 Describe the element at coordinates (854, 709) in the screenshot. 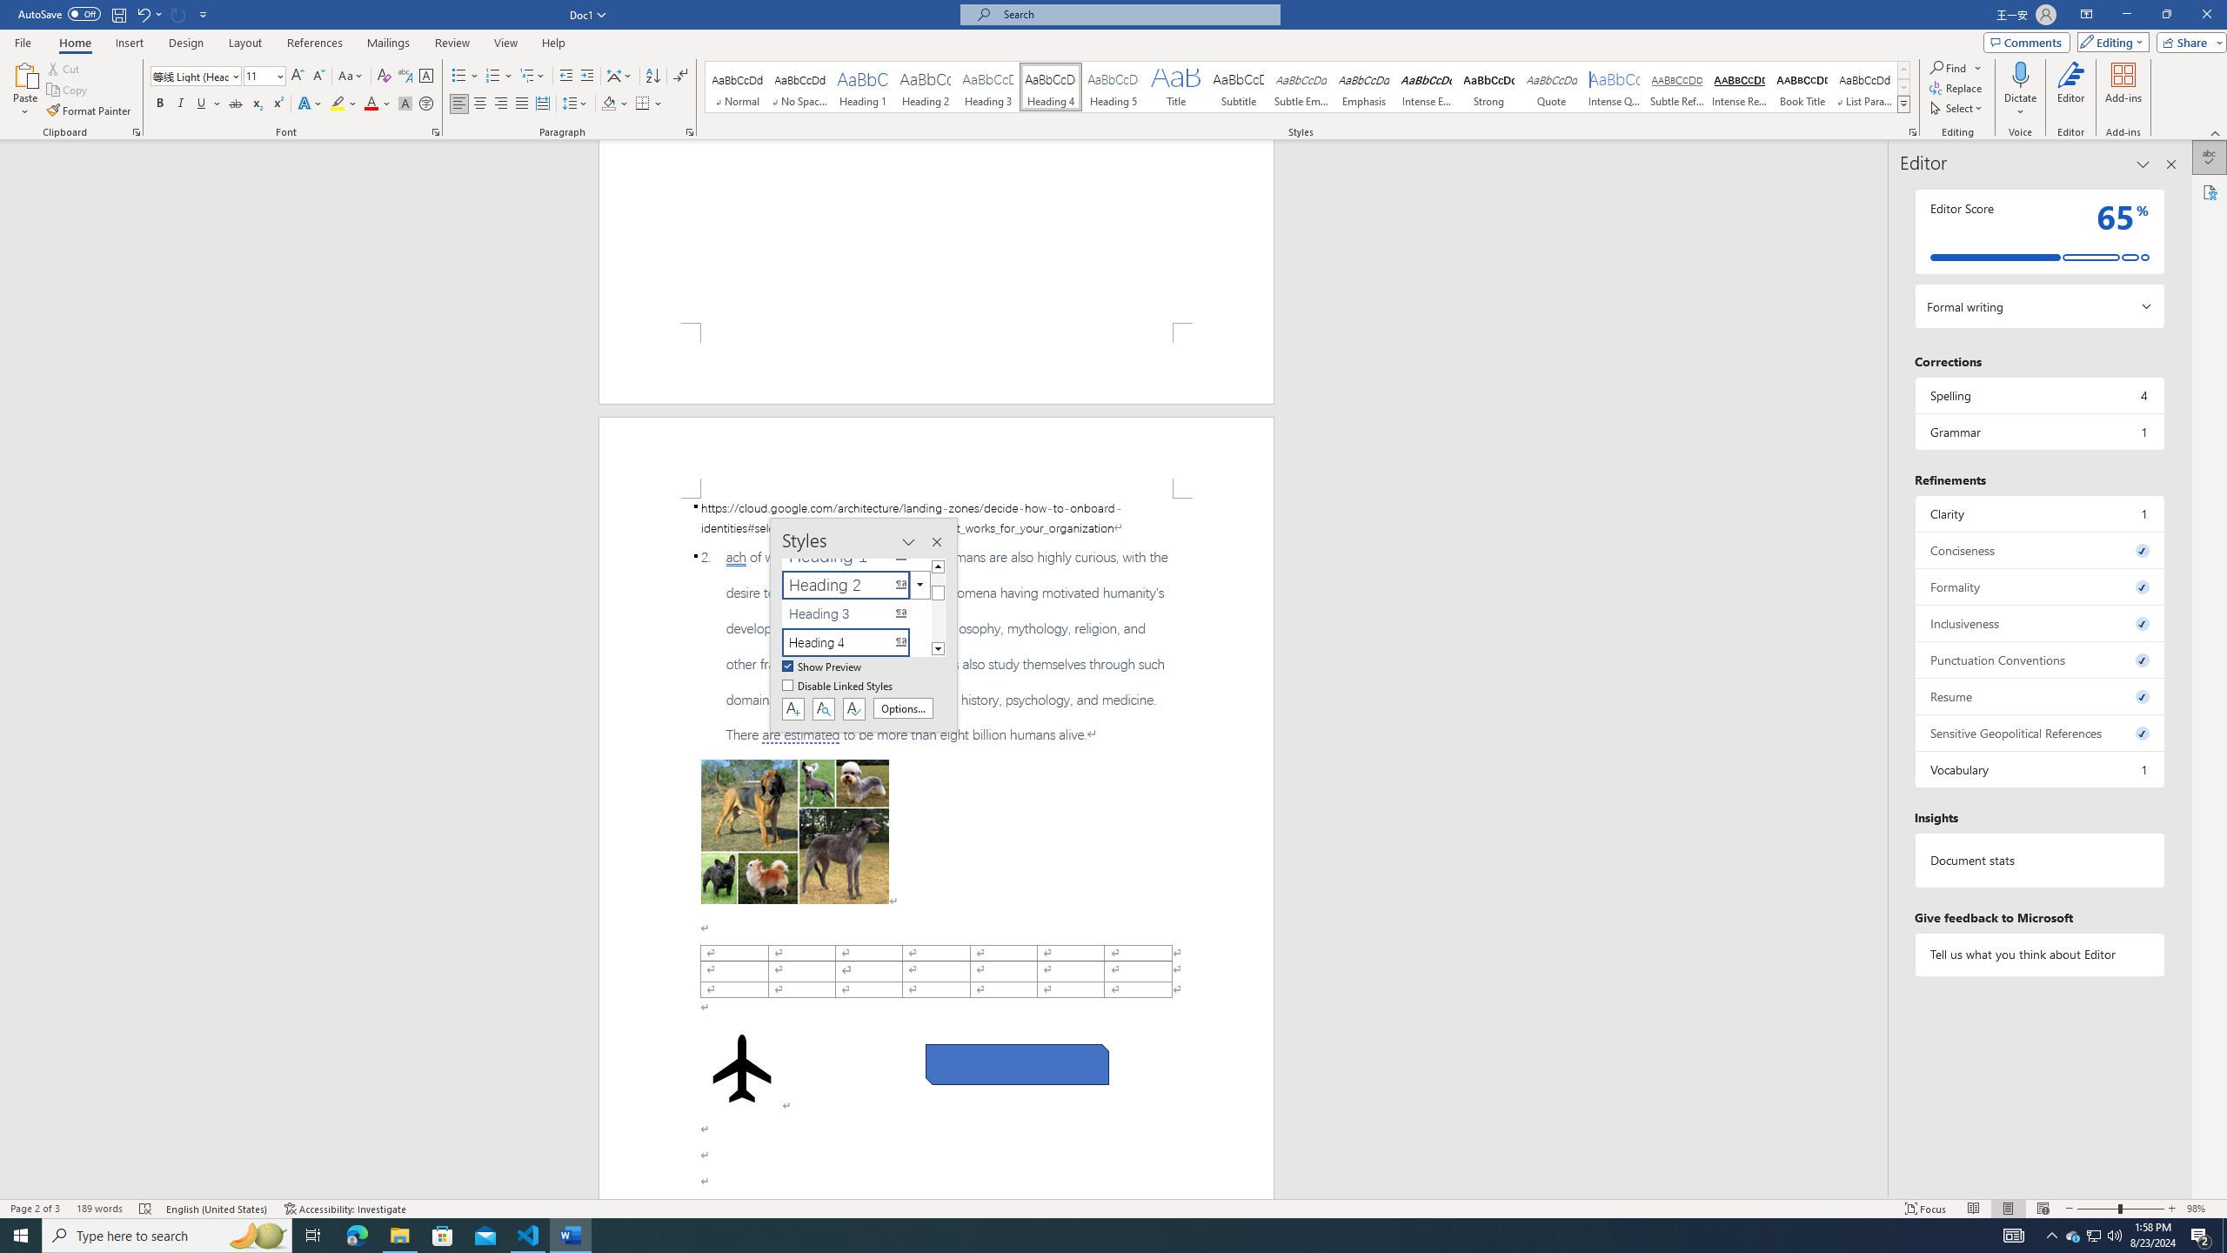

I see `'Class: NetUIButton'` at that location.